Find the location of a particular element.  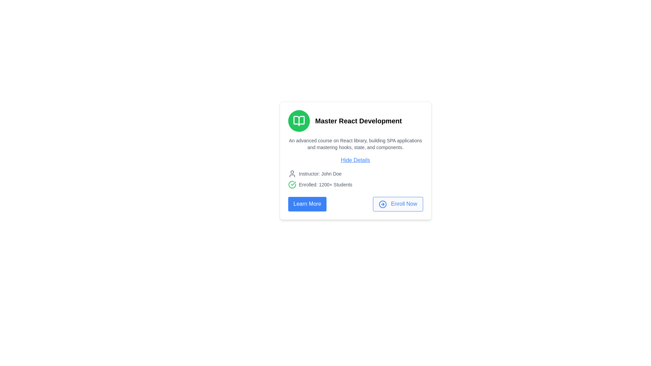

the icon representing the instructor, which is positioned to the left of the text 'Instructor: John Doe' is located at coordinates (292, 174).